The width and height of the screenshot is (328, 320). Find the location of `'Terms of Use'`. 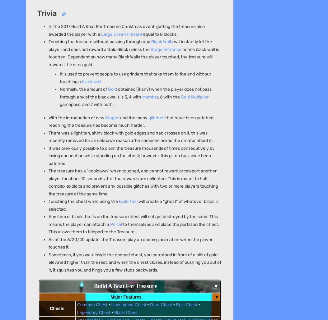

'Terms of Use' is located at coordinates (147, 55).